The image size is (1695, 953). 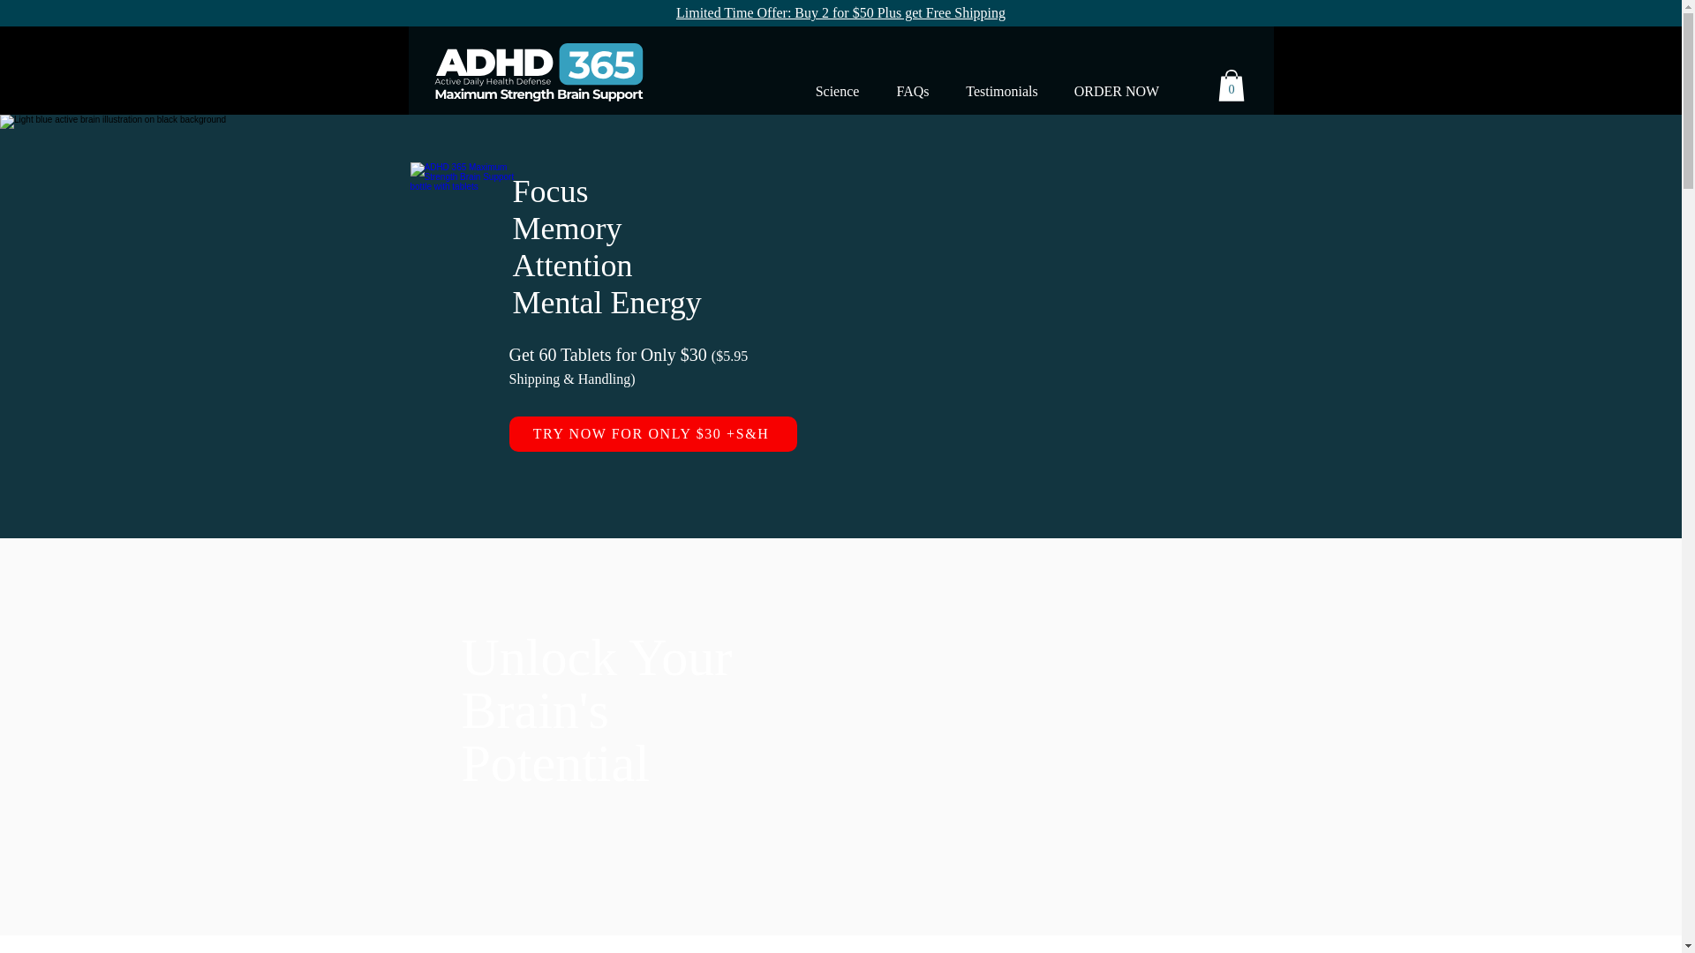 I want to click on 'TRY NOW FOR ONLY $30 +S&H', so click(x=652, y=434).